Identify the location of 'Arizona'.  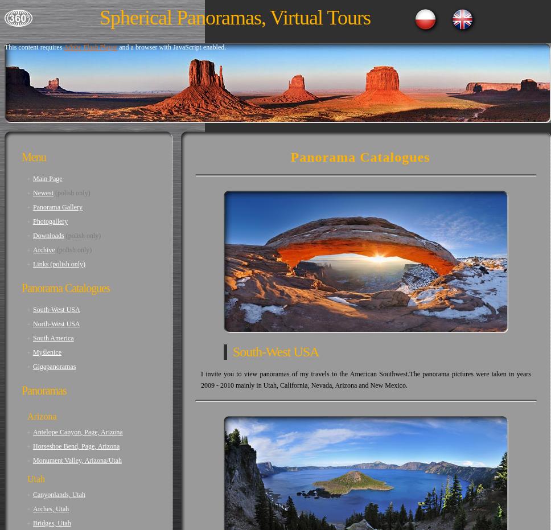
(27, 416).